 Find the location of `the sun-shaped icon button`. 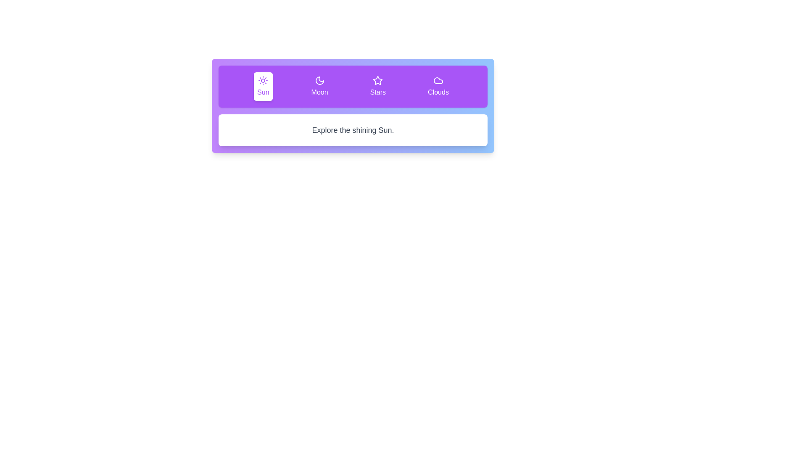

the sun-shaped icon button is located at coordinates (263, 81).